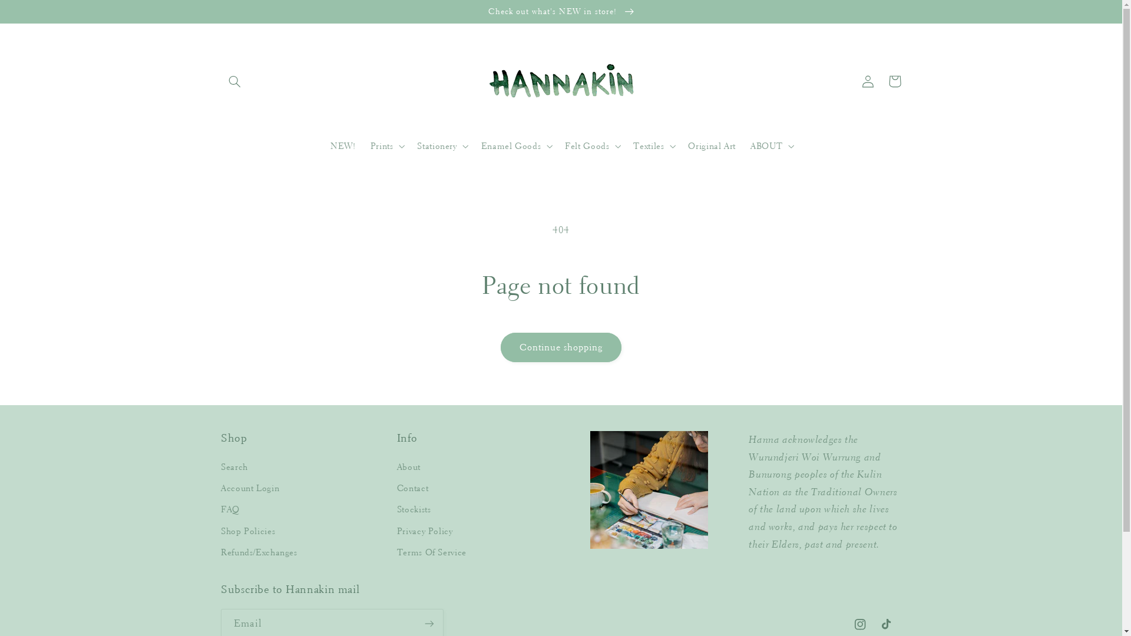  I want to click on 'Privacy Policy', so click(424, 531).